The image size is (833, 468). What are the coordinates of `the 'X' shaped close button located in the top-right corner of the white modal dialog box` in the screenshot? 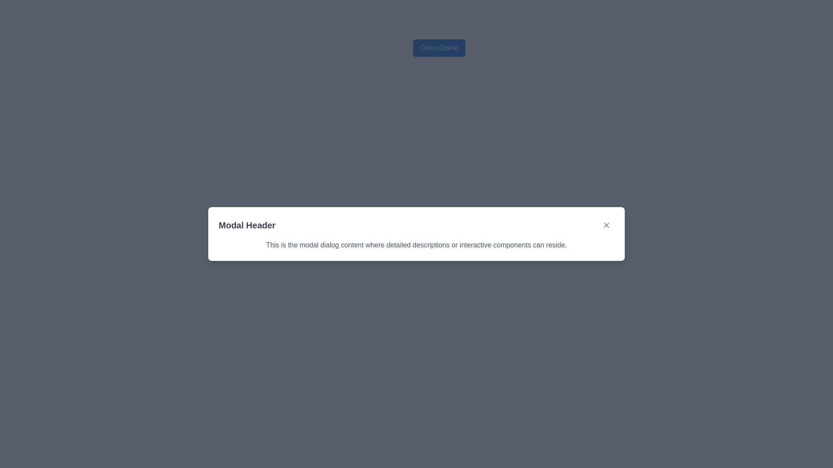 It's located at (606, 225).